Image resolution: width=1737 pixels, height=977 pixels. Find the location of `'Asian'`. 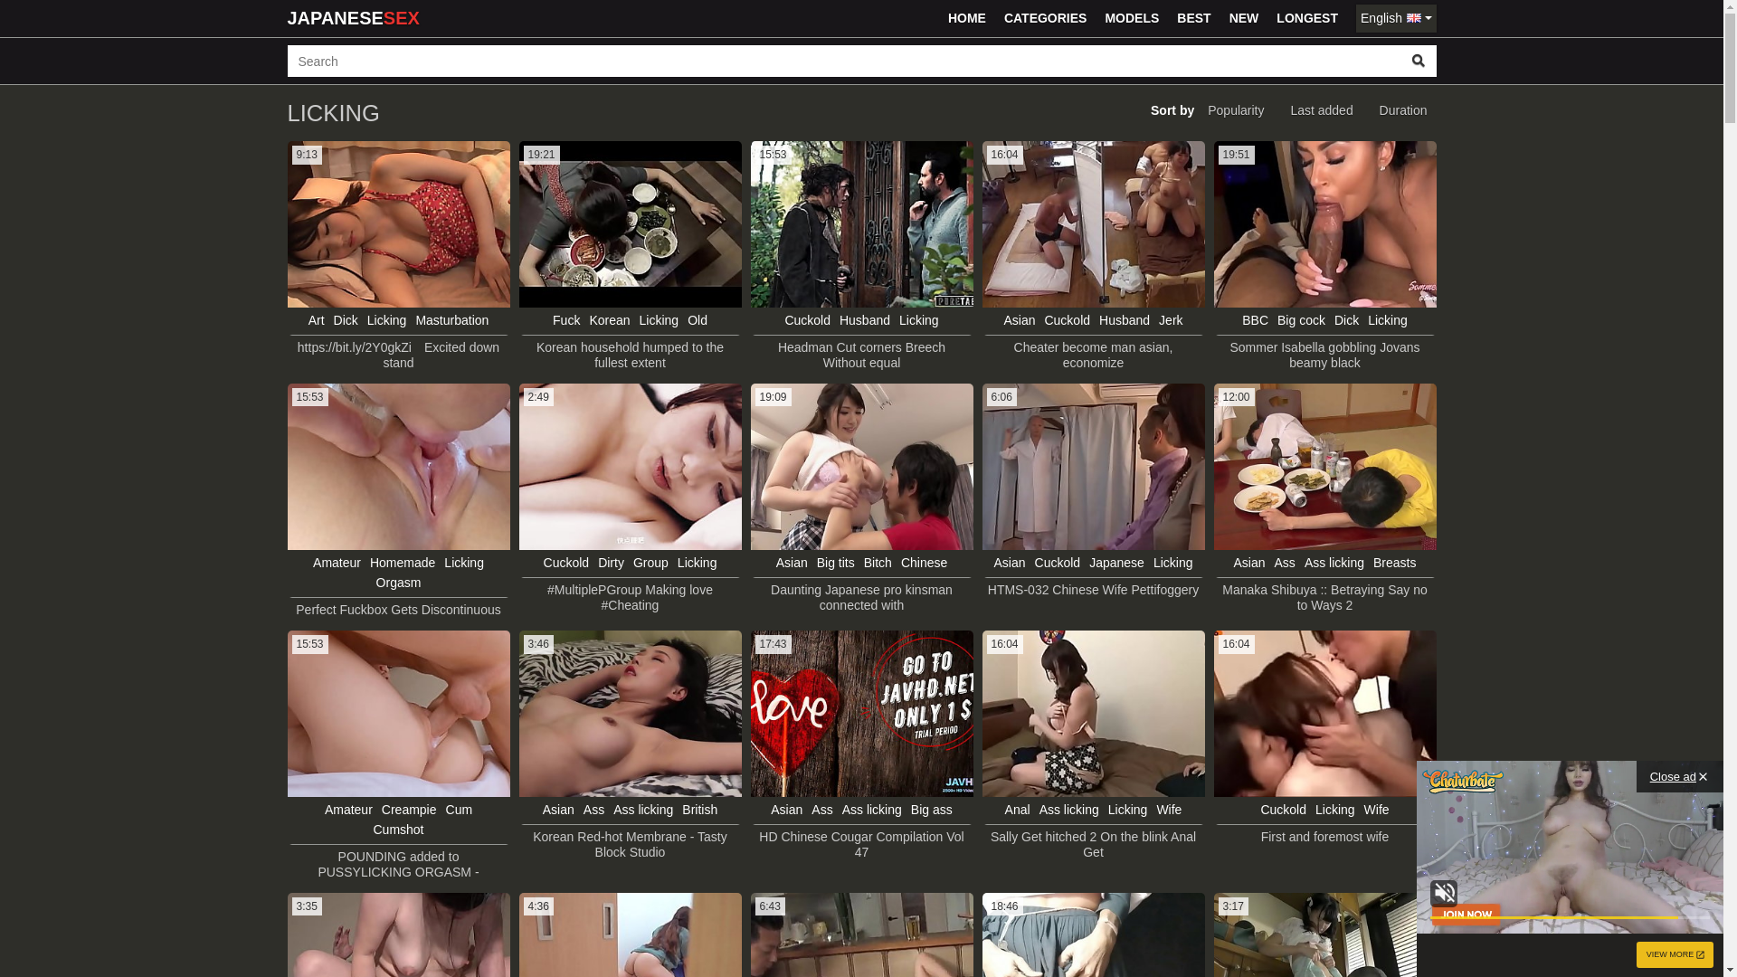

'Asian' is located at coordinates (1001, 319).